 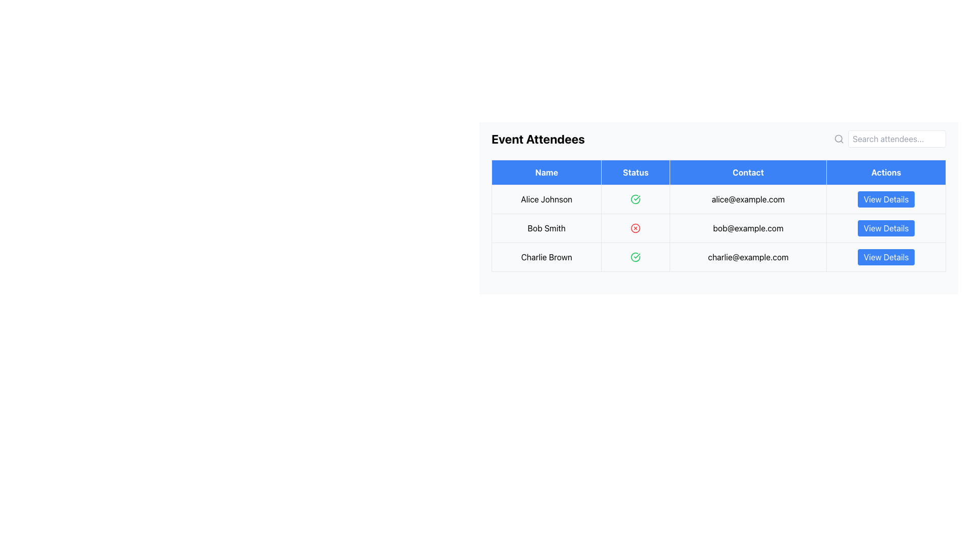 What do you see at coordinates (839, 139) in the screenshot?
I see `the search icon located in the top-right corner of the interface, to the immediate left of the text input field with the placeholder 'Search attendees...'` at bounding box center [839, 139].